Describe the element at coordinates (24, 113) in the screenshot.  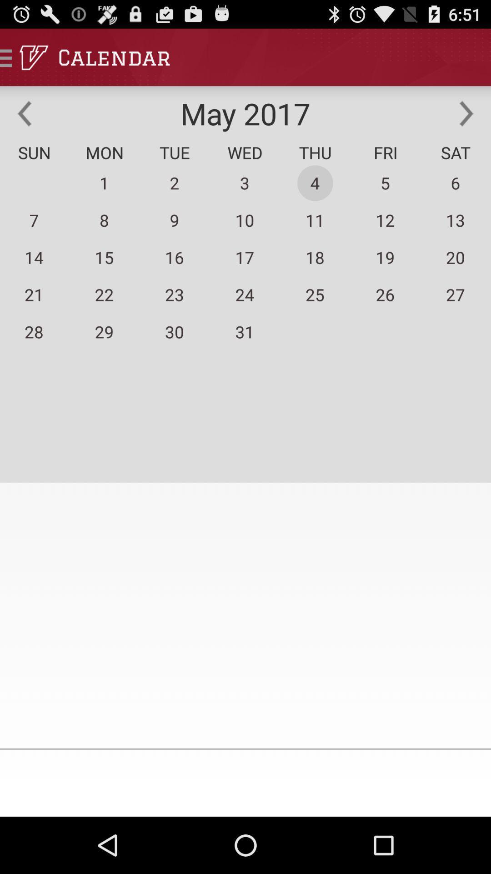
I see `earlier time in calendar` at that location.